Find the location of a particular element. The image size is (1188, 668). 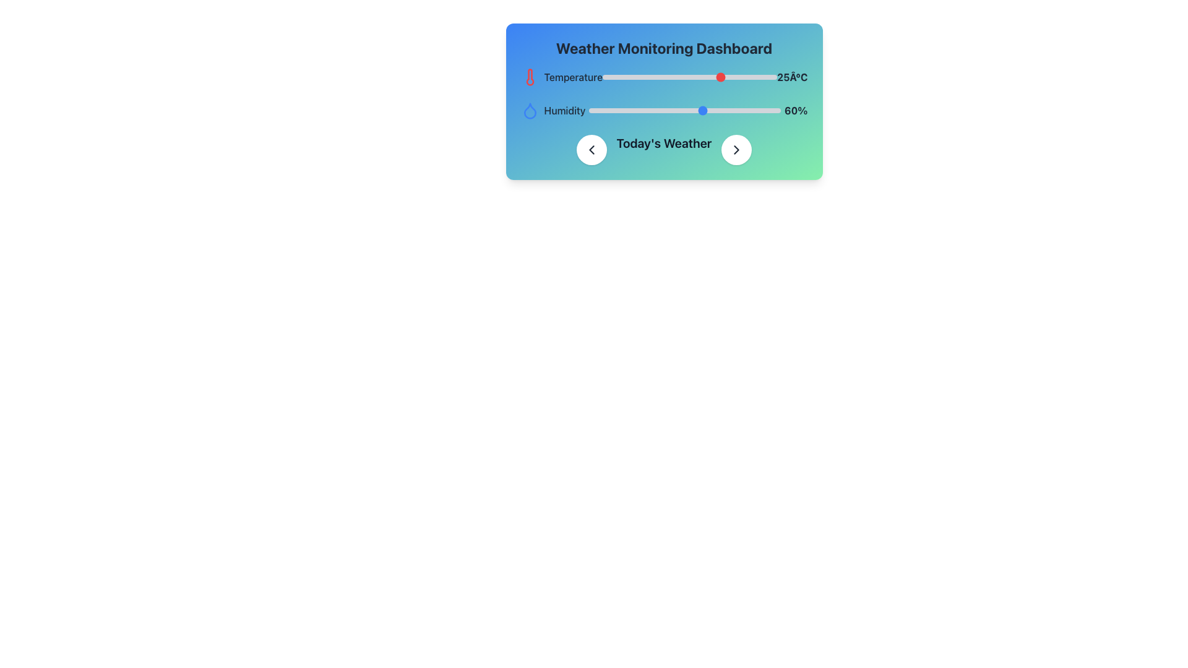

temperature is located at coordinates (691, 77).